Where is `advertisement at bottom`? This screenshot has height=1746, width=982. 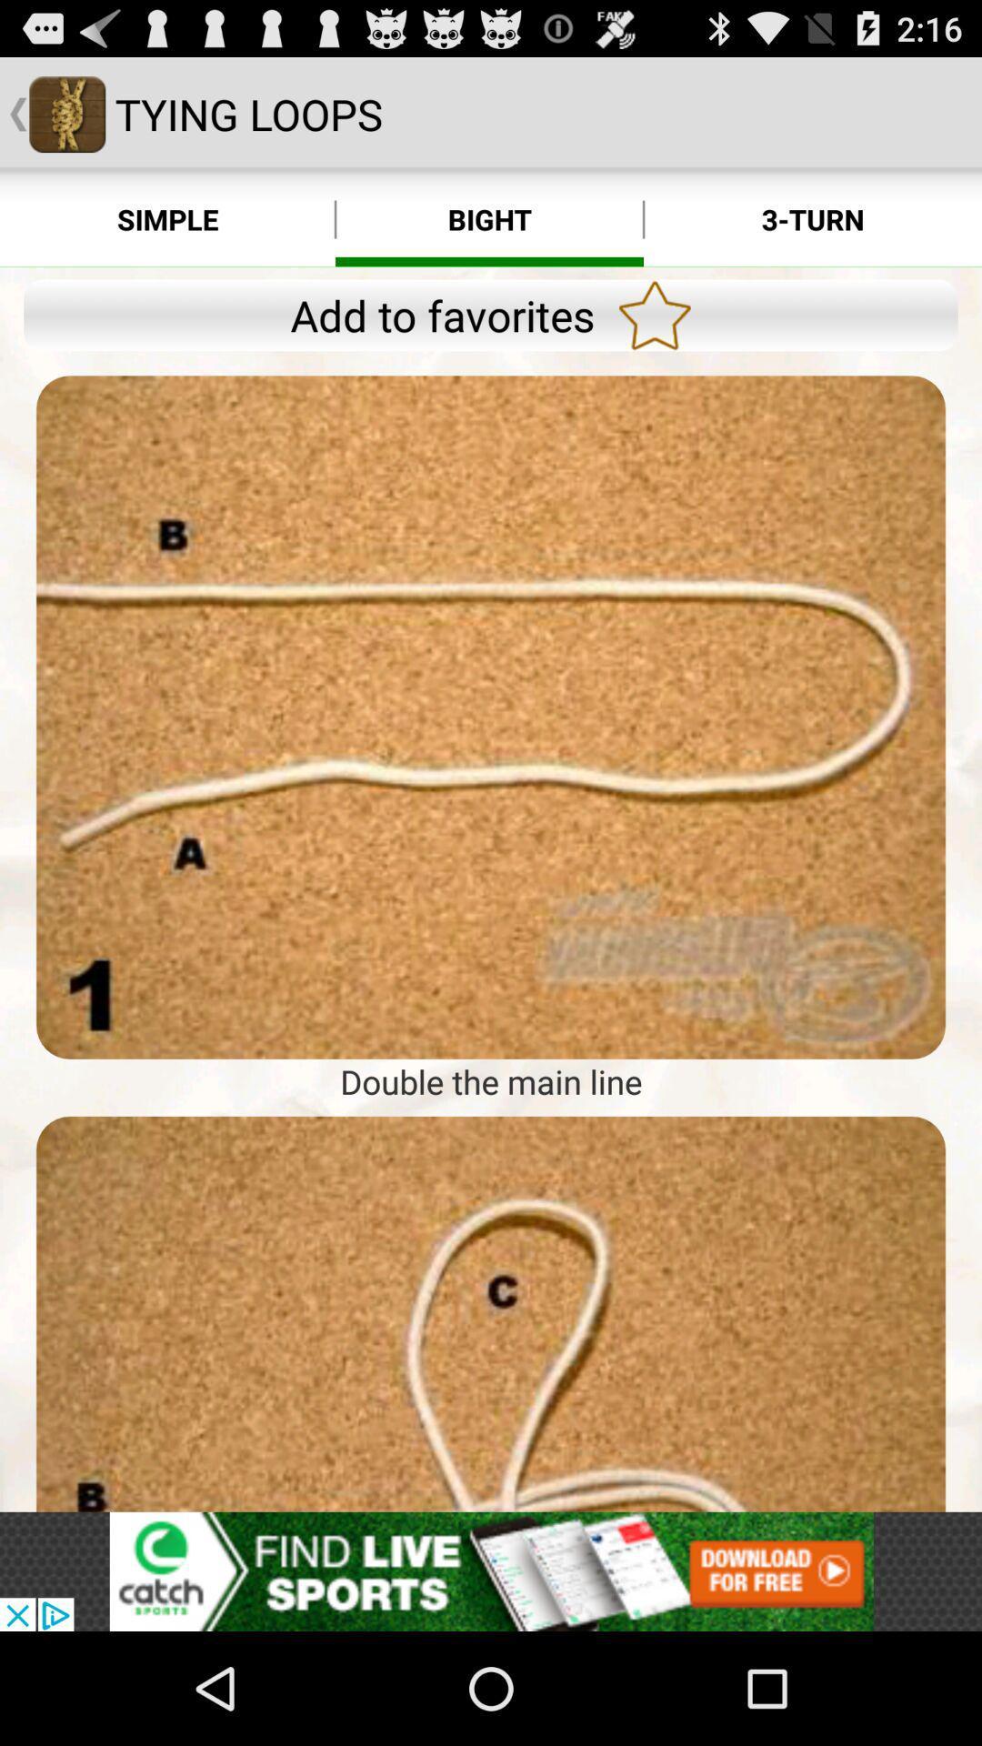
advertisement at bottom is located at coordinates (491, 1570).